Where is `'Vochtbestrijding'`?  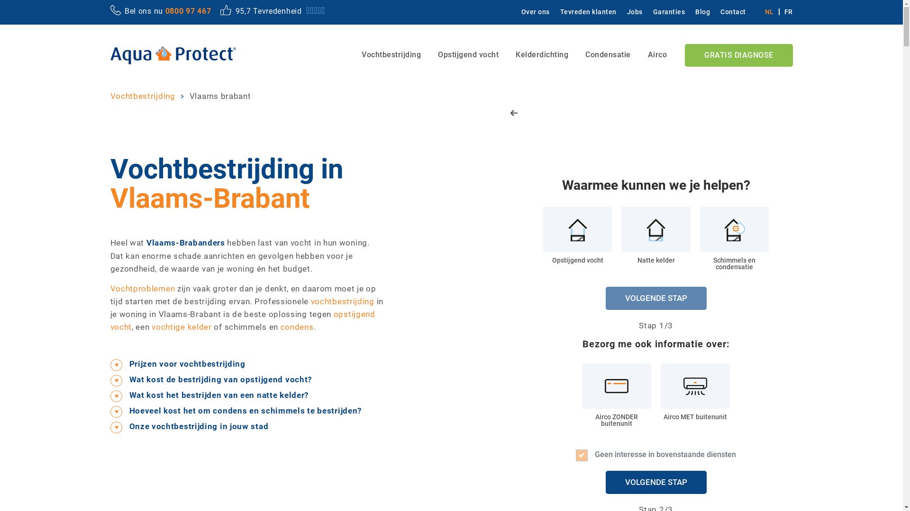 'Vochtbestrijding' is located at coordinates (109, 95).